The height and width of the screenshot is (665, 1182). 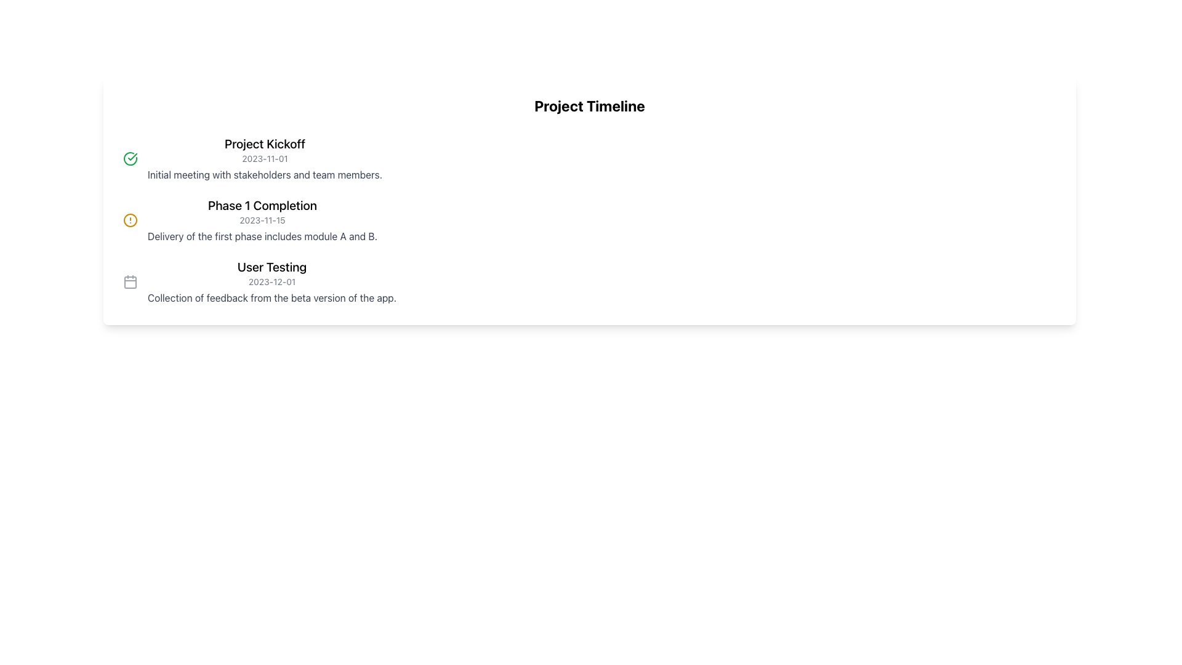 What do you see at coordinates (130, 283) in the screenshot?
I see `the rounded rectangle shape that forms the main body of the calendar icon located to the left of the 'User Testing' event heading` at bounding box center [130, 283].